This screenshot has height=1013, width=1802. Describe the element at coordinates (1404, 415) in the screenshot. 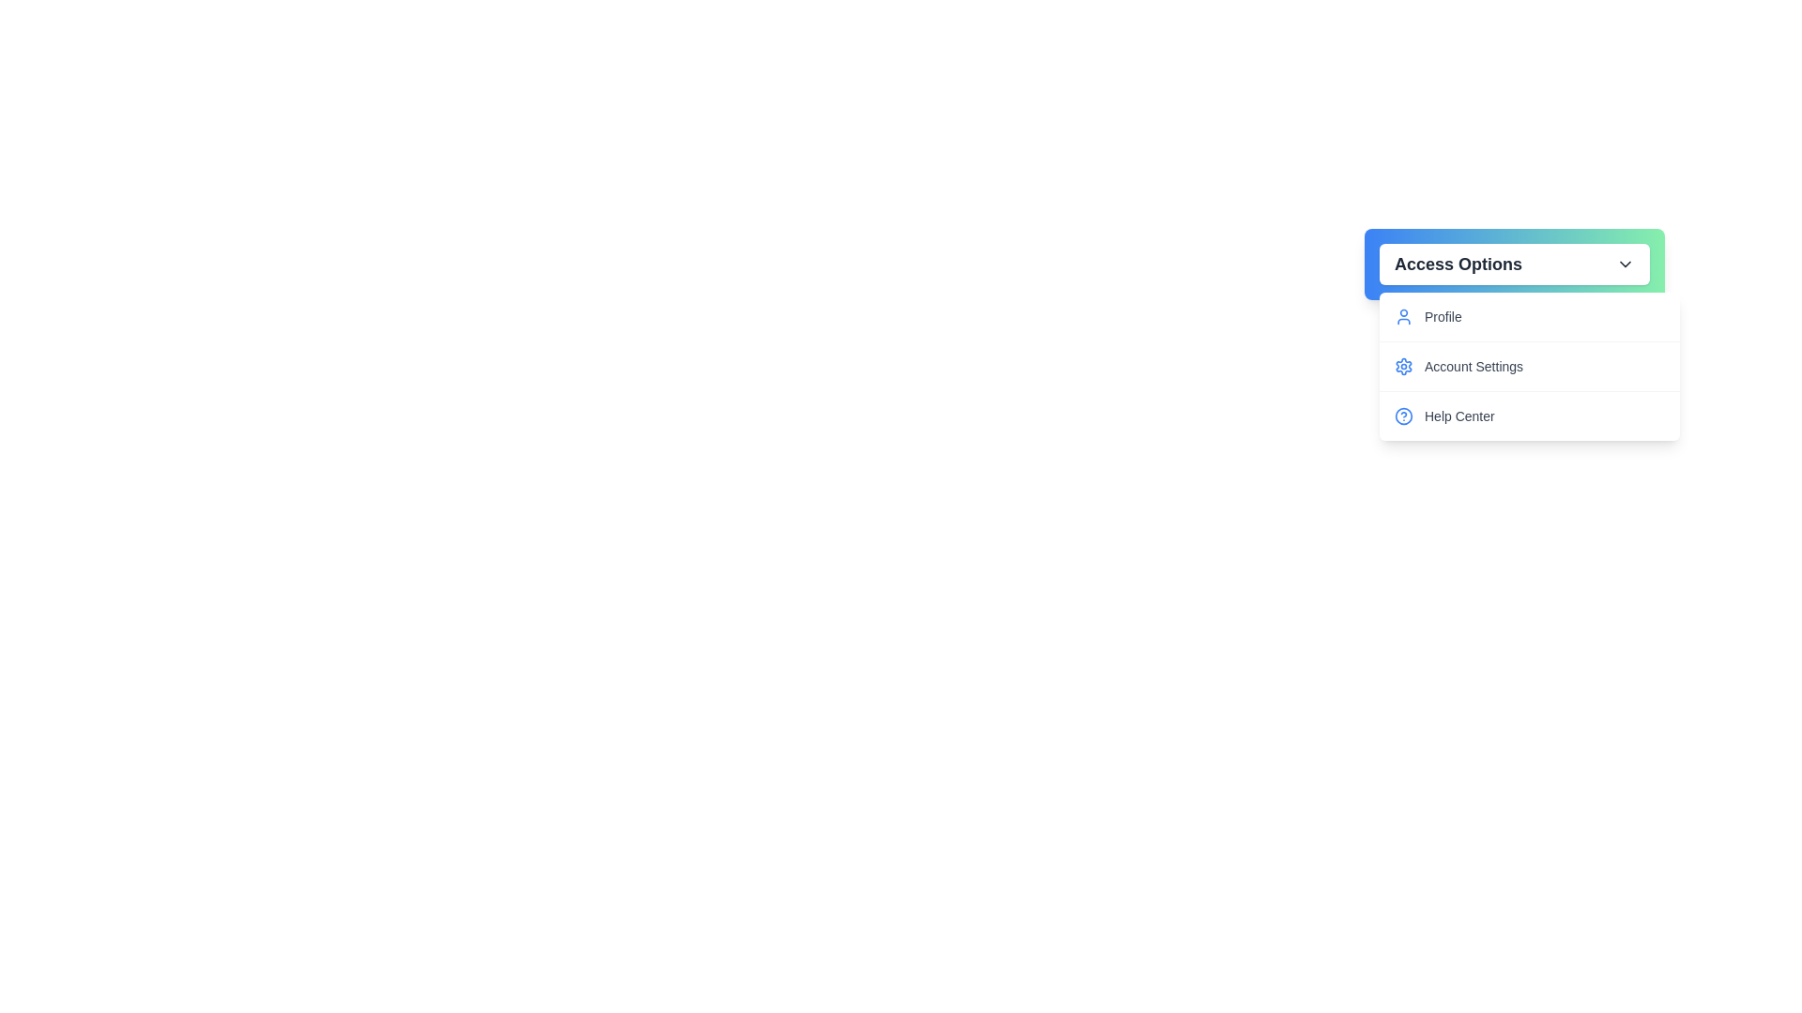

I see `the circular icon element with a blue border that resembles a help or information symbol, located adjacent to 'Profile' and 'Account Settings' in the options drop-down menu` at that location.